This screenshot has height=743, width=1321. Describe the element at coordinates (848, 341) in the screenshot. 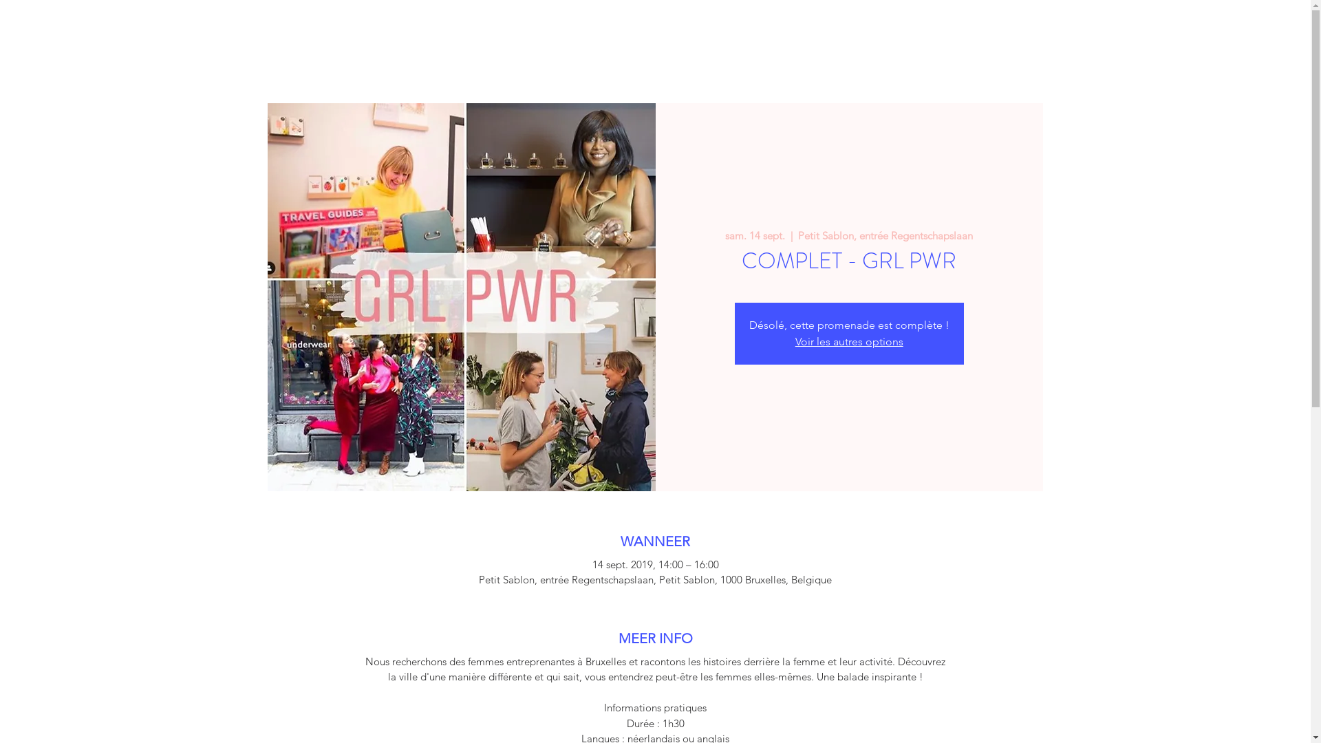

I see `'Voir les autres options'` at that location.